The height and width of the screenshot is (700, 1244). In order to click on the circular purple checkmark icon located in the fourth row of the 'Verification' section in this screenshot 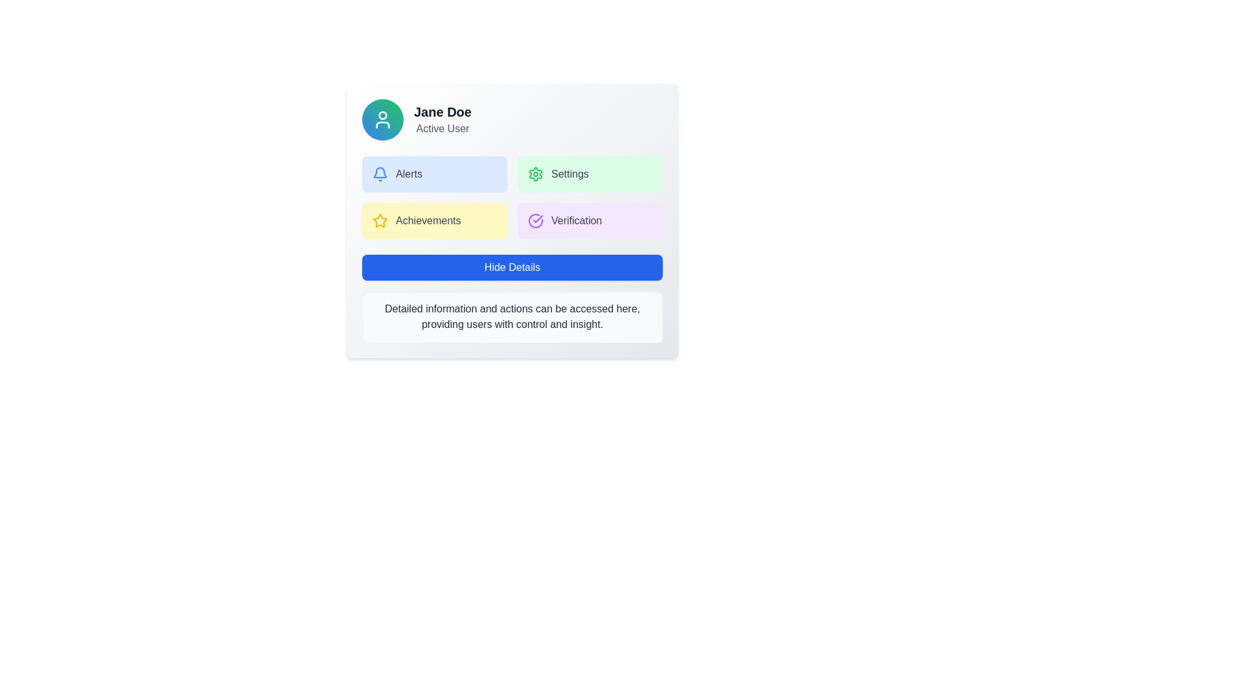, I will do `click(535, 220)`.